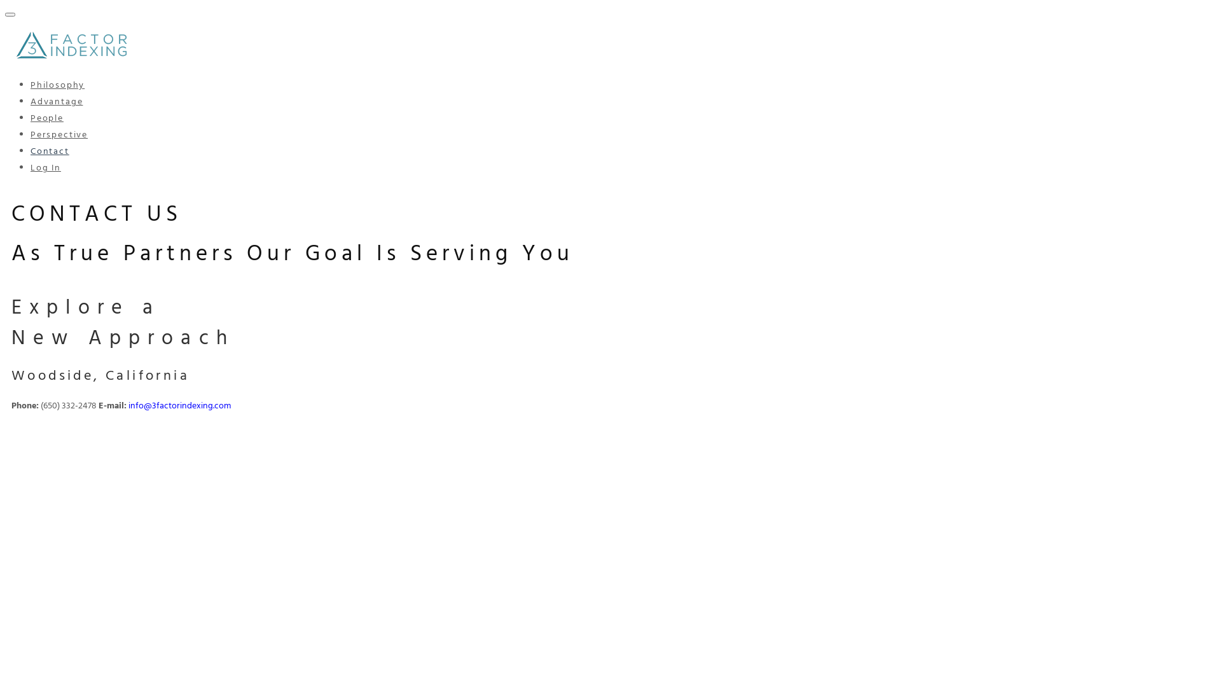 Image resolution: width=1221 pixels, height=687 pixels. Describe the element at coordinates (46, 118) in the screenshot. I see `'People'` at that location.